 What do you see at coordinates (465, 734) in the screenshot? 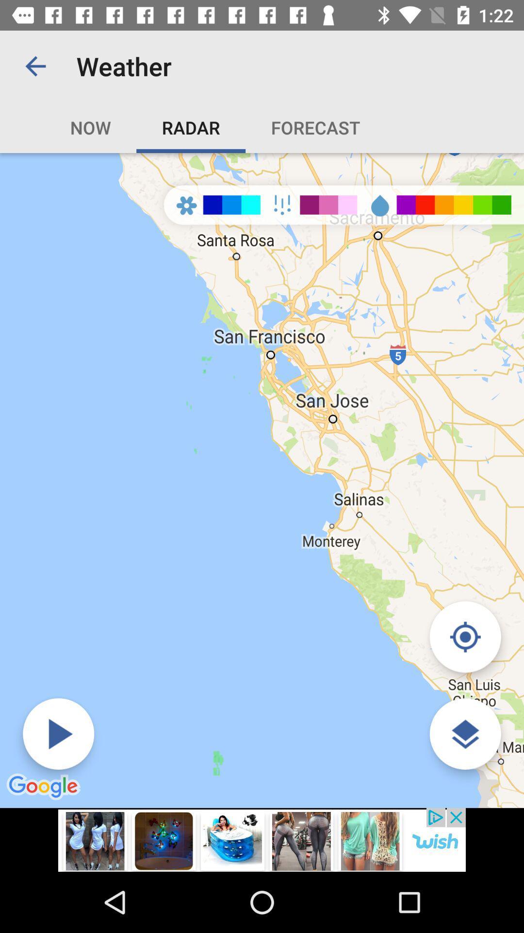
I see `the layers icon` at bounding box center [465, 734].